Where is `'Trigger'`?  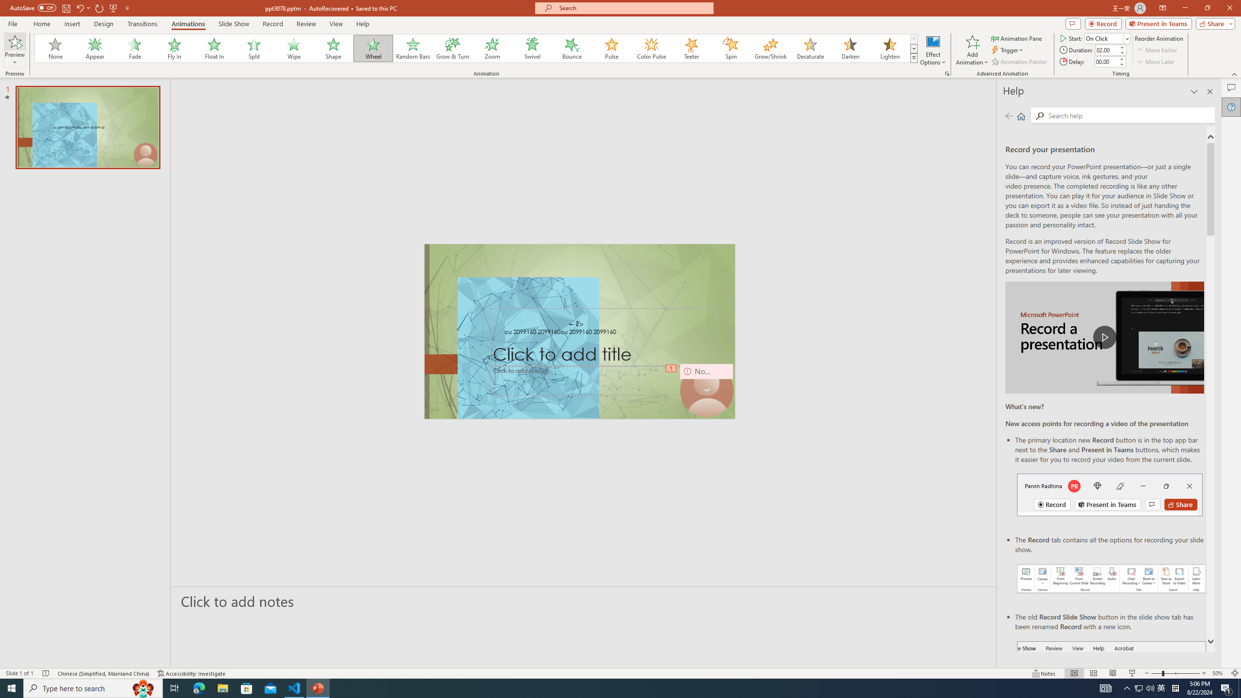 'Trigger' is located at coordinates (1008, 50).